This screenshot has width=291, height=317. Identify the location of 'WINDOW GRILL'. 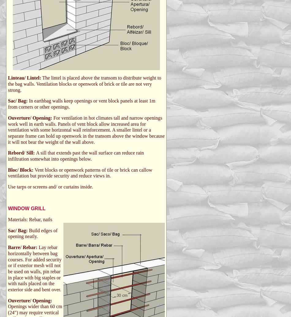
(27, 208).